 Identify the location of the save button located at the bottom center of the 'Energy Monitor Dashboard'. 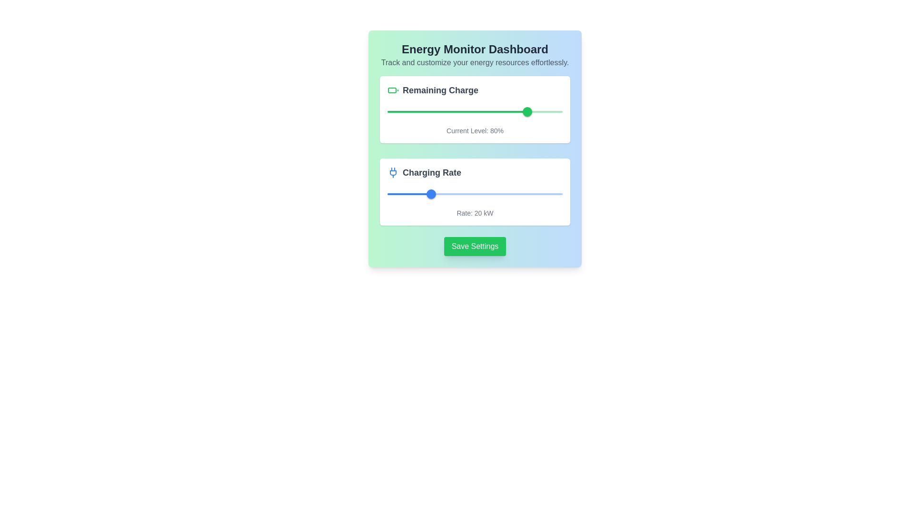
(475, 246).